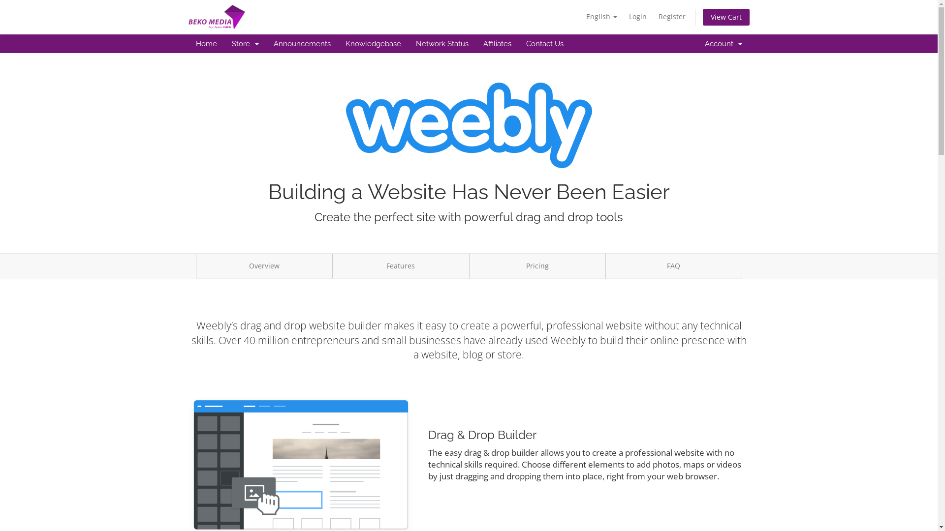 The image size is (945, 531). Describe the element at coordinates (536, 266) in the screenshot. I see `'Pricing'` at that location.